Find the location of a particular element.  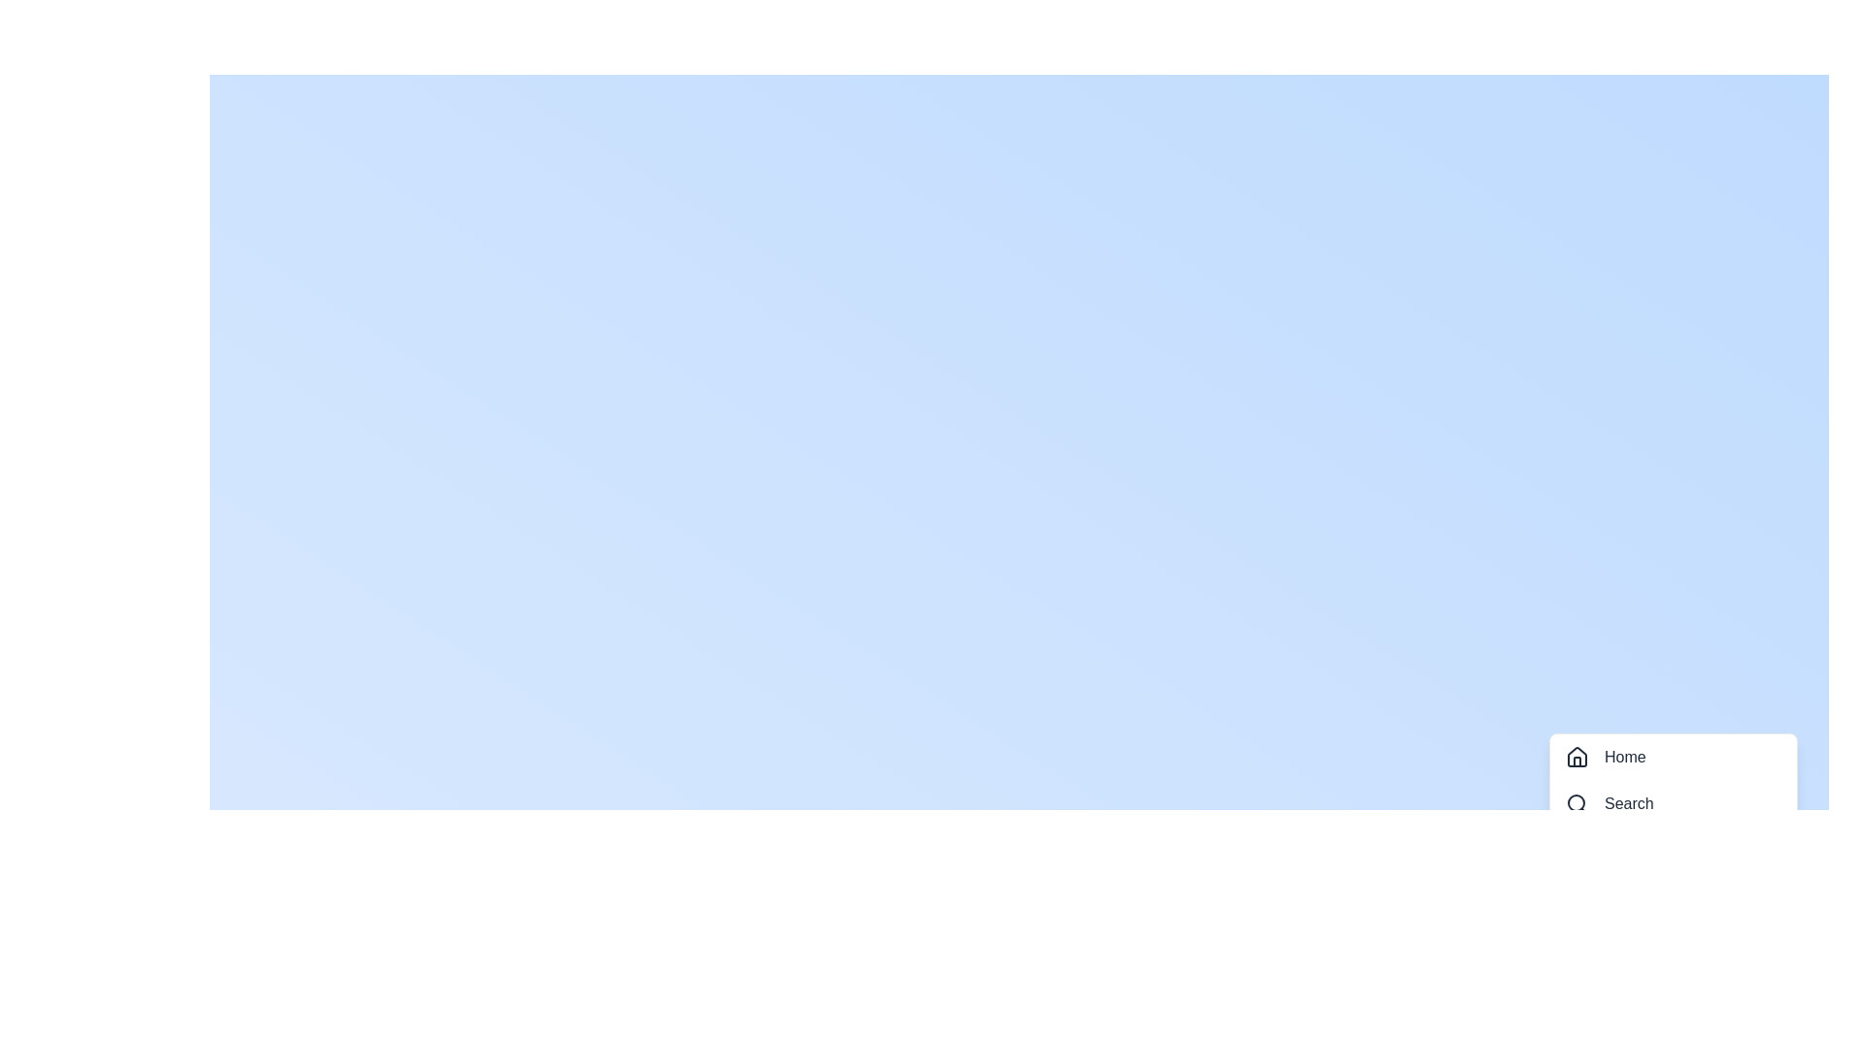

the 'Home' icon located in the bottom right horizontal menu, which serves as a navigational element to direct users to the main page is located at coordinates (1577, 756).